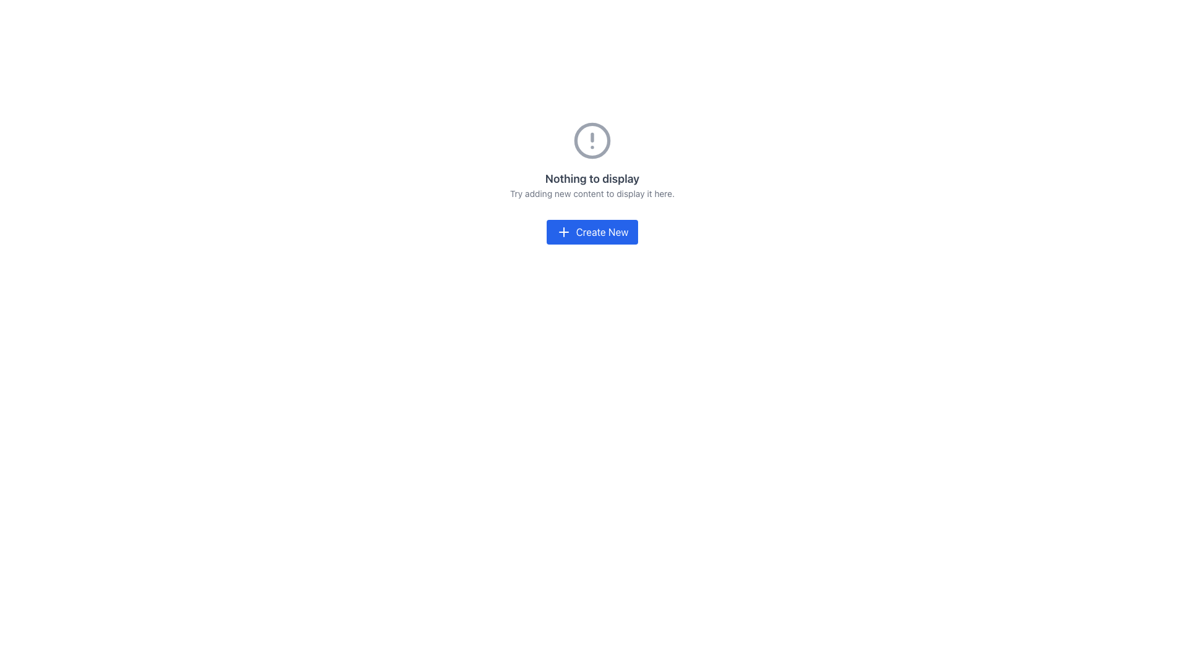 This screenshot has height=667, width=1186. Describe the element at coordinates (592, 193) in the screenshot. I see `text of the Text Label that reads 'Try adding new content to display it here.', which is styled with a small font size and gray color, located between 'Nothing to display' and the 'Create New' button` at that location.